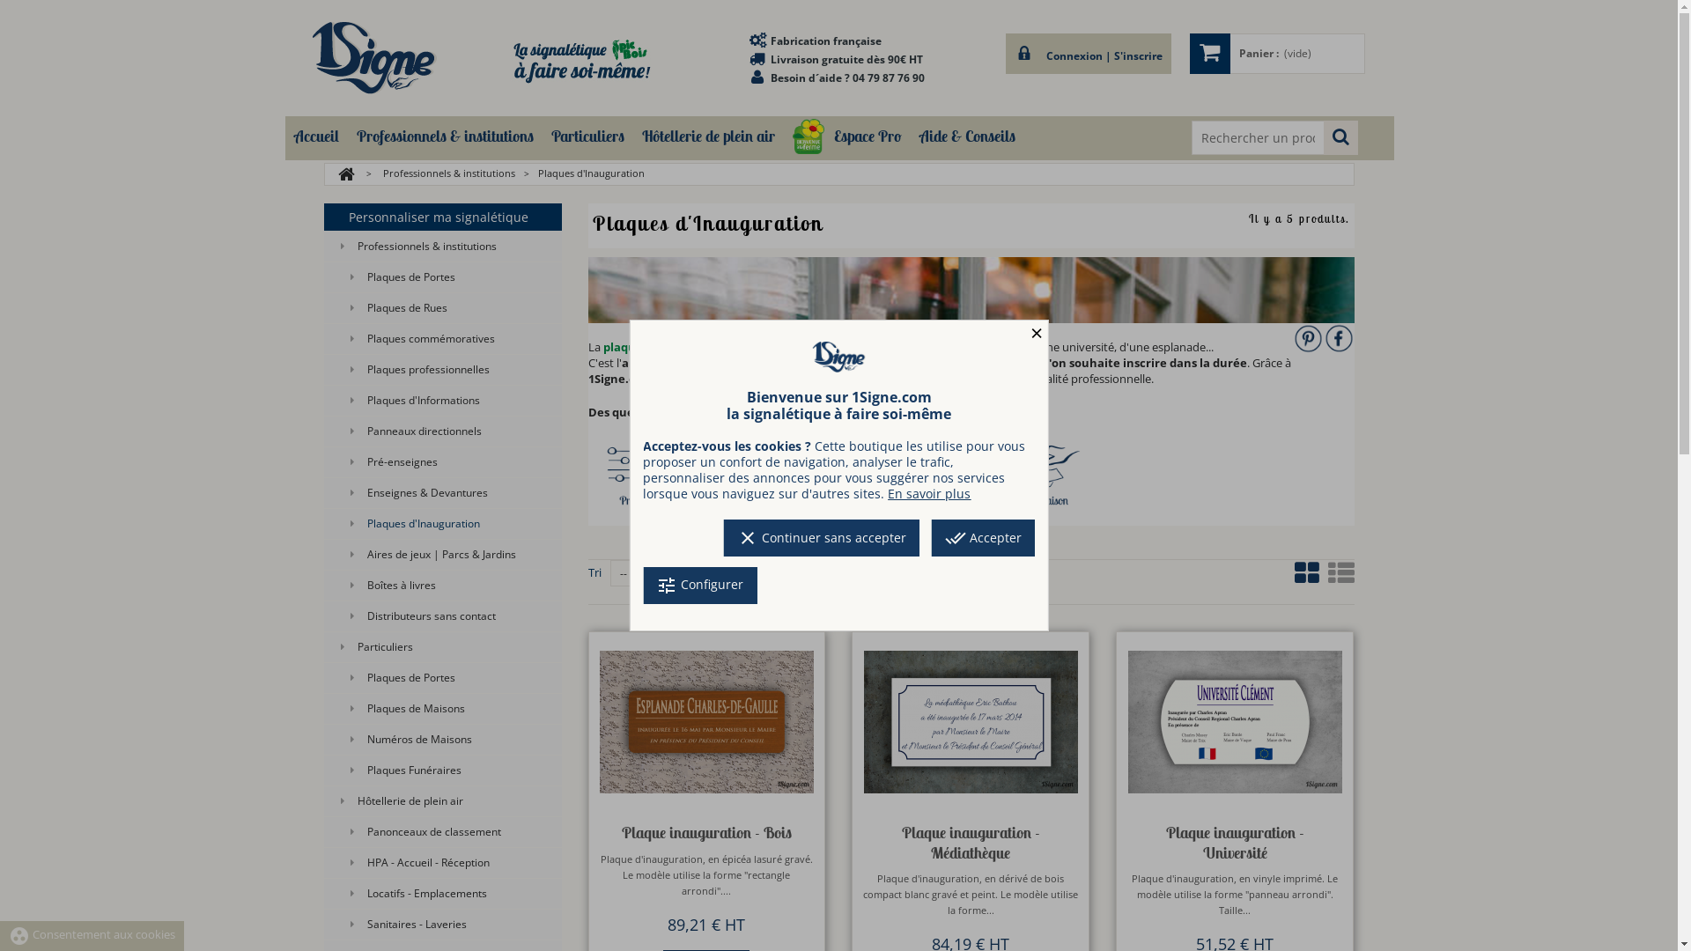 The image size is (1691, 951). I want to click on 'Enseignes & Devantures', so click(443, 492).